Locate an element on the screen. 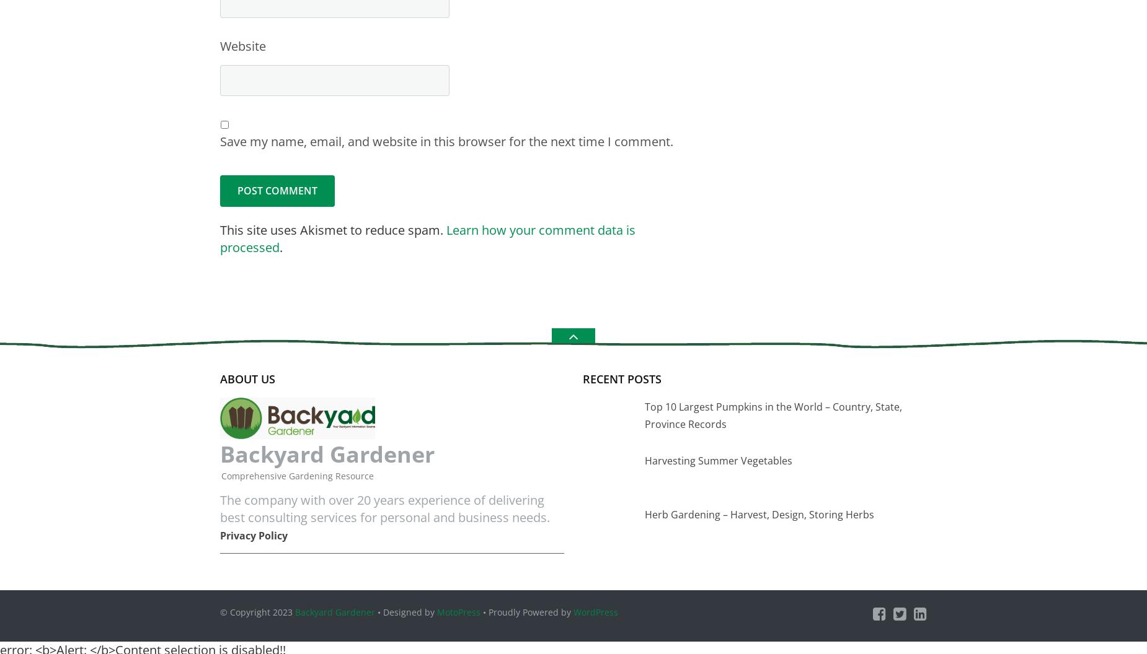  'Recent Posts' is located at coordinates (621, 378).